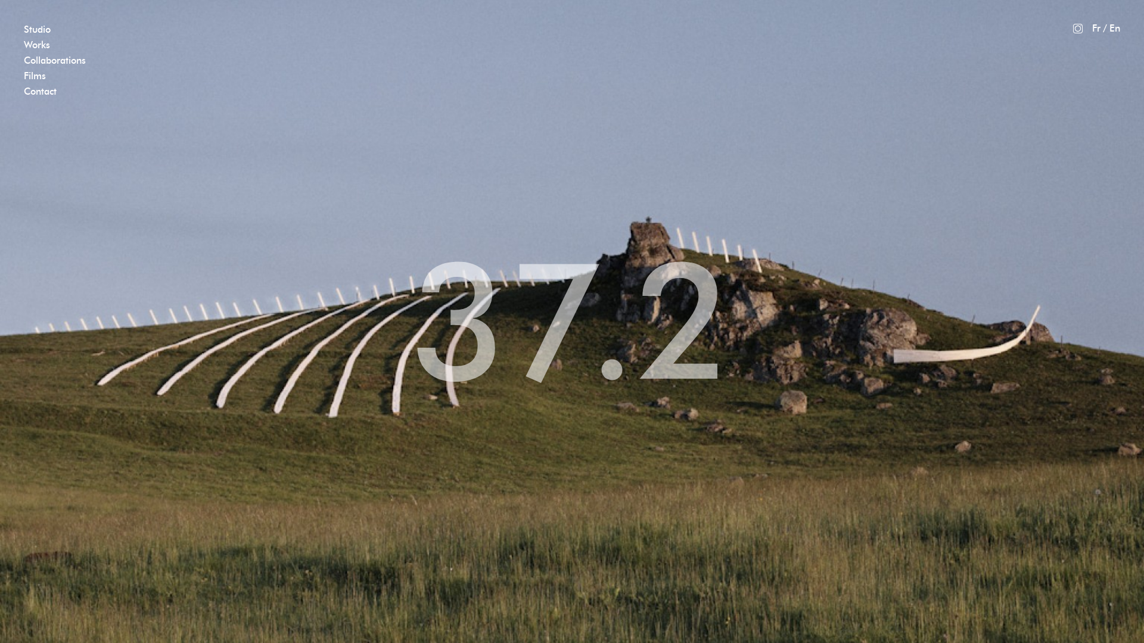 This screenshot has width=1144, height=643. Describe the element at coordinates (1114, 27) in the screenshot. I see `'En'` at that location.